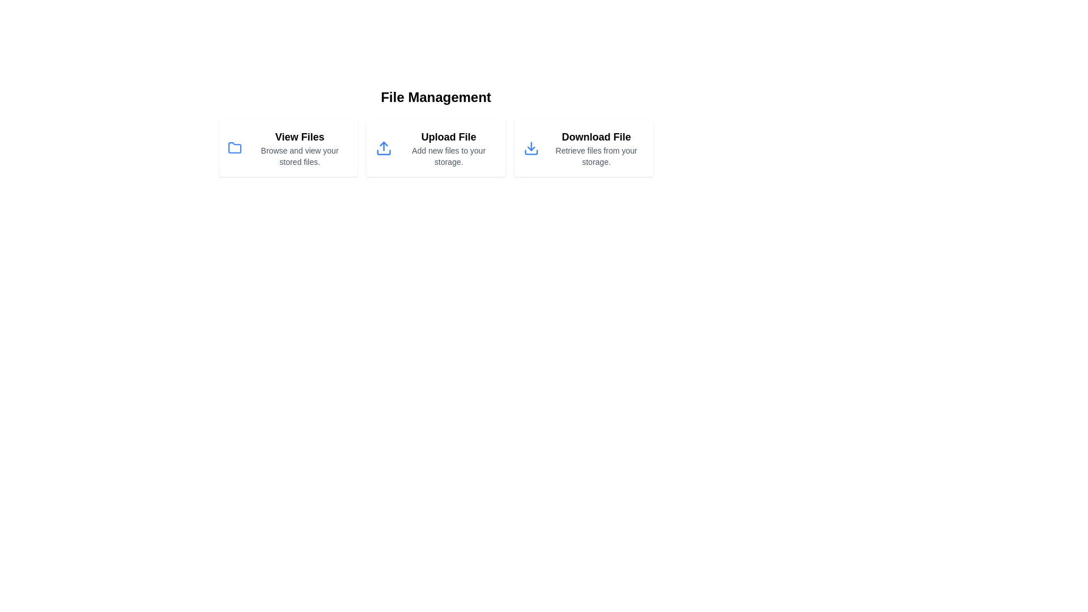  Describe the element at coordinates (435, 97) in the screenshot. I see `the centered header text displaying 'File Management', which is styled in bold and prominently placed at the top of the section` at that location.